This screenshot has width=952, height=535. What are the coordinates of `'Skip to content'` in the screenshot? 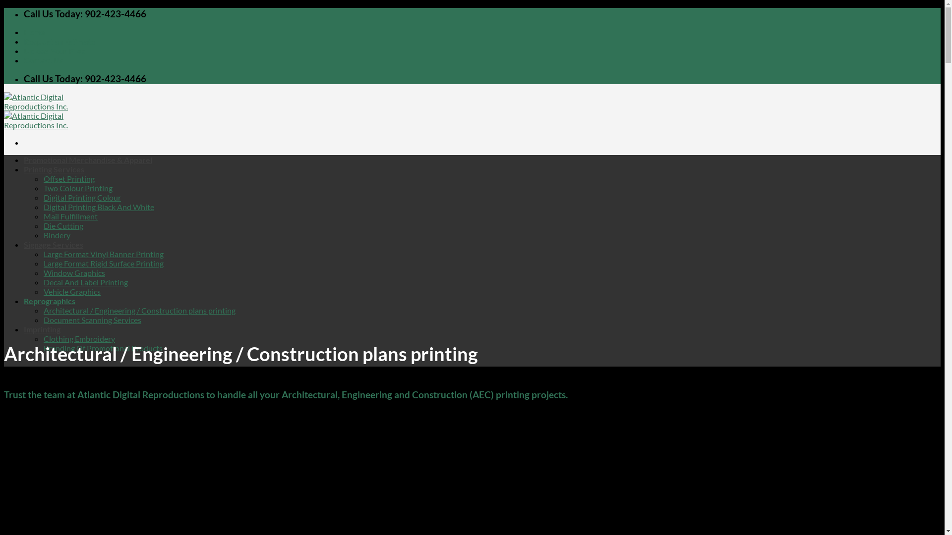 It's located at (3, 7).